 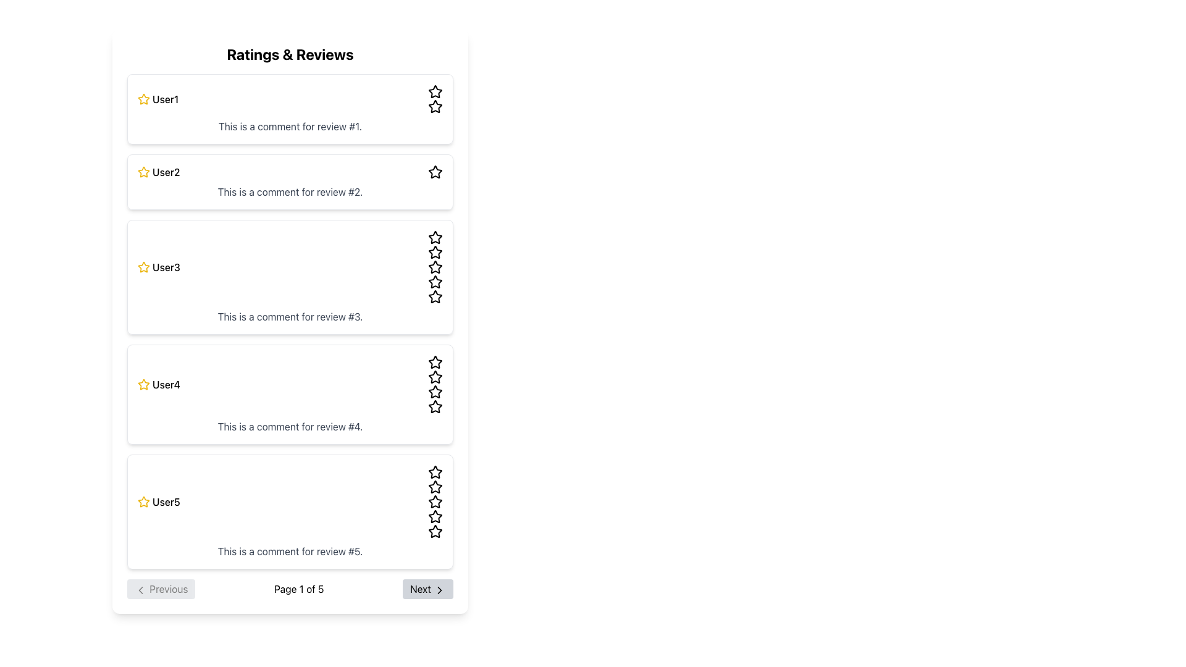 What do you see at coordinates (435, 407) in the screenshot?
I see `the fifth star in the five-star rating system for the review given by 'User4', which is located in the fourth card from the top in the review list` at bounding box center [435, 407].